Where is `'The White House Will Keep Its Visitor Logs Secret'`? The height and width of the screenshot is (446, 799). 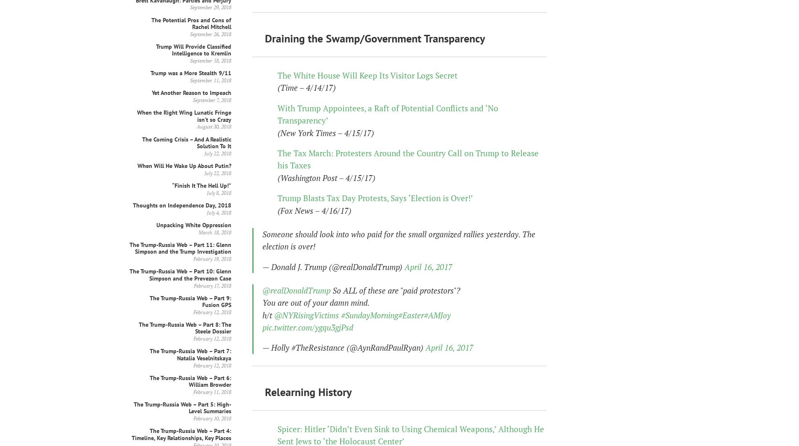
'The White House Will Keep Its Visitor Logs Secret' is located at coordinates (367, 75).